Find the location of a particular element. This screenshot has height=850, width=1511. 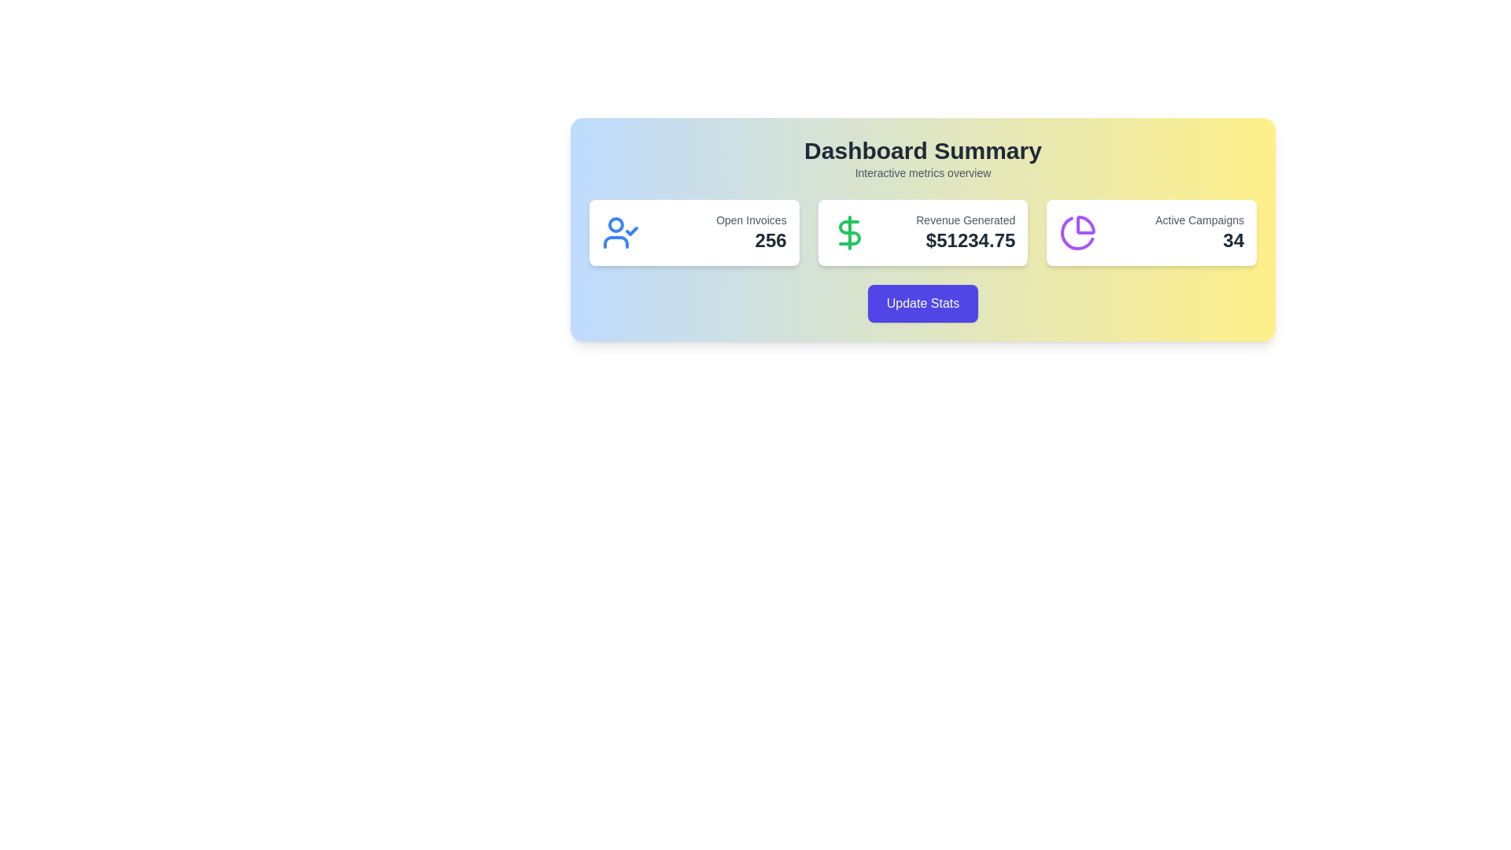

displayed financial metrics on the Informational Card located in the center column below the 'Dashboard Summary' header is located at coordinates (922, 233).